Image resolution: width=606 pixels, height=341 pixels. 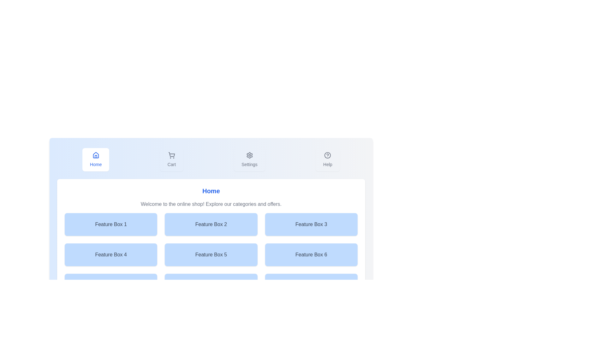 What do you see at coordinates (95, 159) in the screenshot?
I see `the Home tab button to observe the hover effect` at bounding box center [95, 159].